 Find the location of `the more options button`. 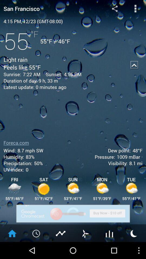

the more options button is located at coordinates (135, 8).